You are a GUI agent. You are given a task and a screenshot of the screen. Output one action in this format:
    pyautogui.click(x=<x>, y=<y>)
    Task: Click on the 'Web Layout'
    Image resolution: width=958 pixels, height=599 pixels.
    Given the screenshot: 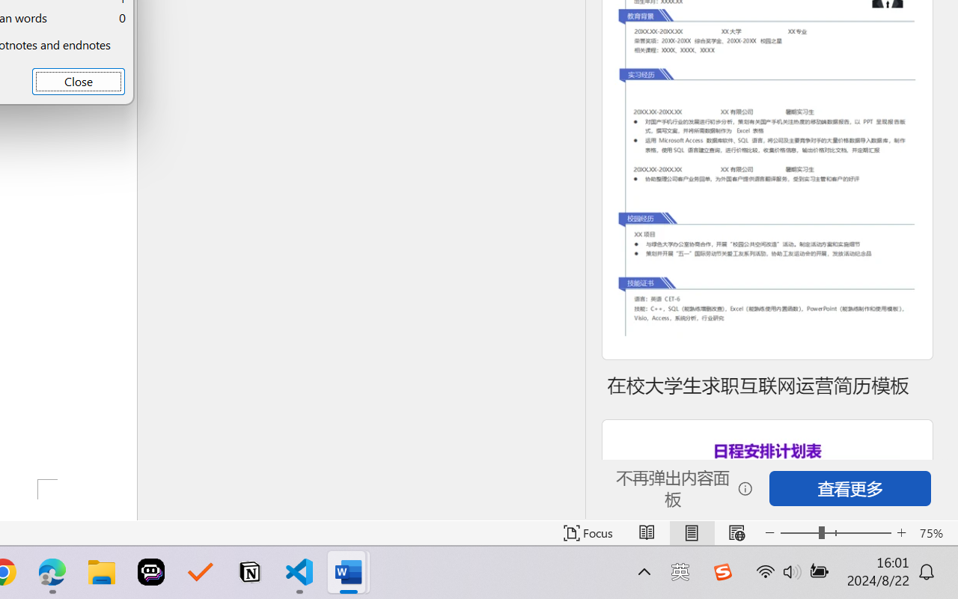 What is the action you would take?
    pyautogui.click(x=736, y=532)
    